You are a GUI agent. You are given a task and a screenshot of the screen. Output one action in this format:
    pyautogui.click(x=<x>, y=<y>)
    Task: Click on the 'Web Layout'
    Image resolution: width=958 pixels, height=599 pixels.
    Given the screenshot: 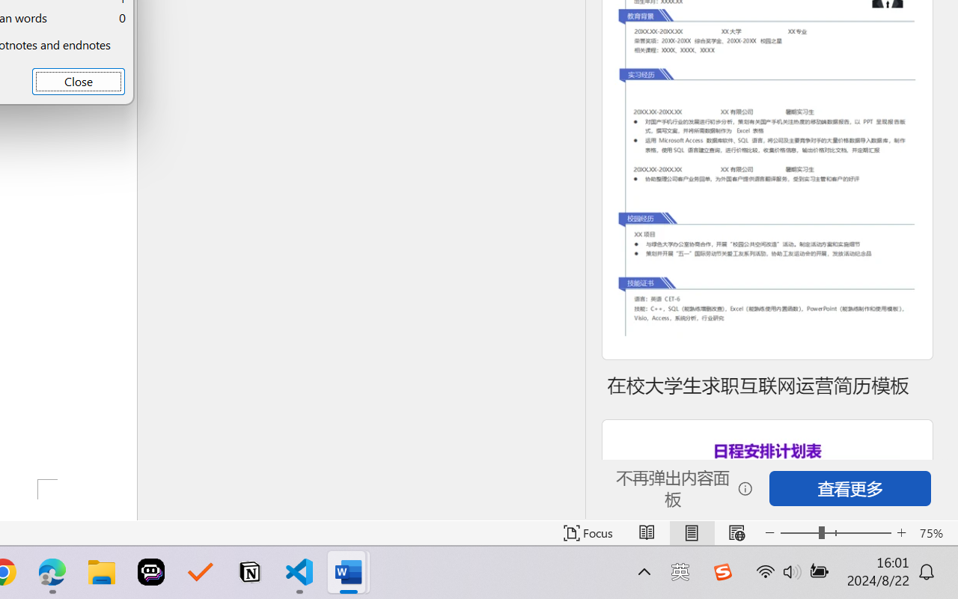 What is the action you would take?
    pyautogui.click(x=736, y=532)
    